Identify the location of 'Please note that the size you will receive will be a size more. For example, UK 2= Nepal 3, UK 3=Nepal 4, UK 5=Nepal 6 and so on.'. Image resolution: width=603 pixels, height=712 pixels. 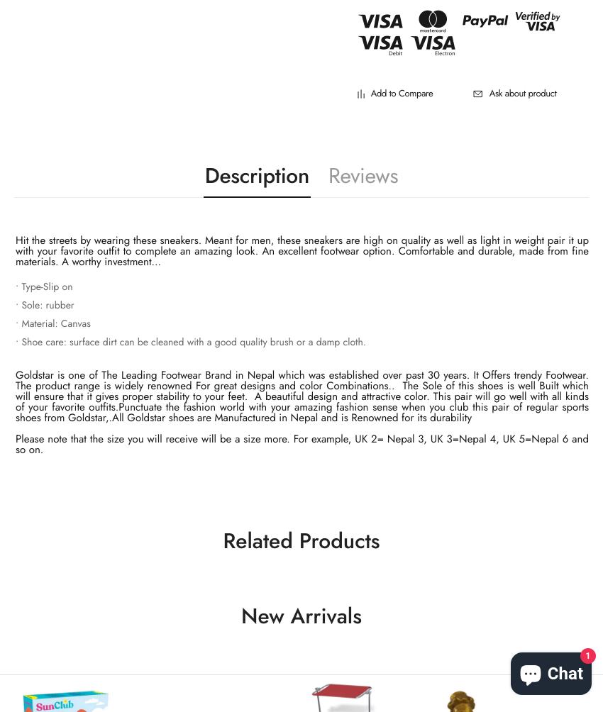
(301, 444).